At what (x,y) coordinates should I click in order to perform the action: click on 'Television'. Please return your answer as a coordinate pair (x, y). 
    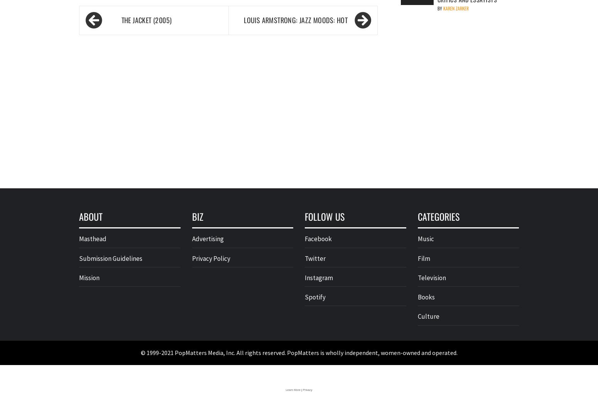
    Looking at the image, I should click on (417, 277).